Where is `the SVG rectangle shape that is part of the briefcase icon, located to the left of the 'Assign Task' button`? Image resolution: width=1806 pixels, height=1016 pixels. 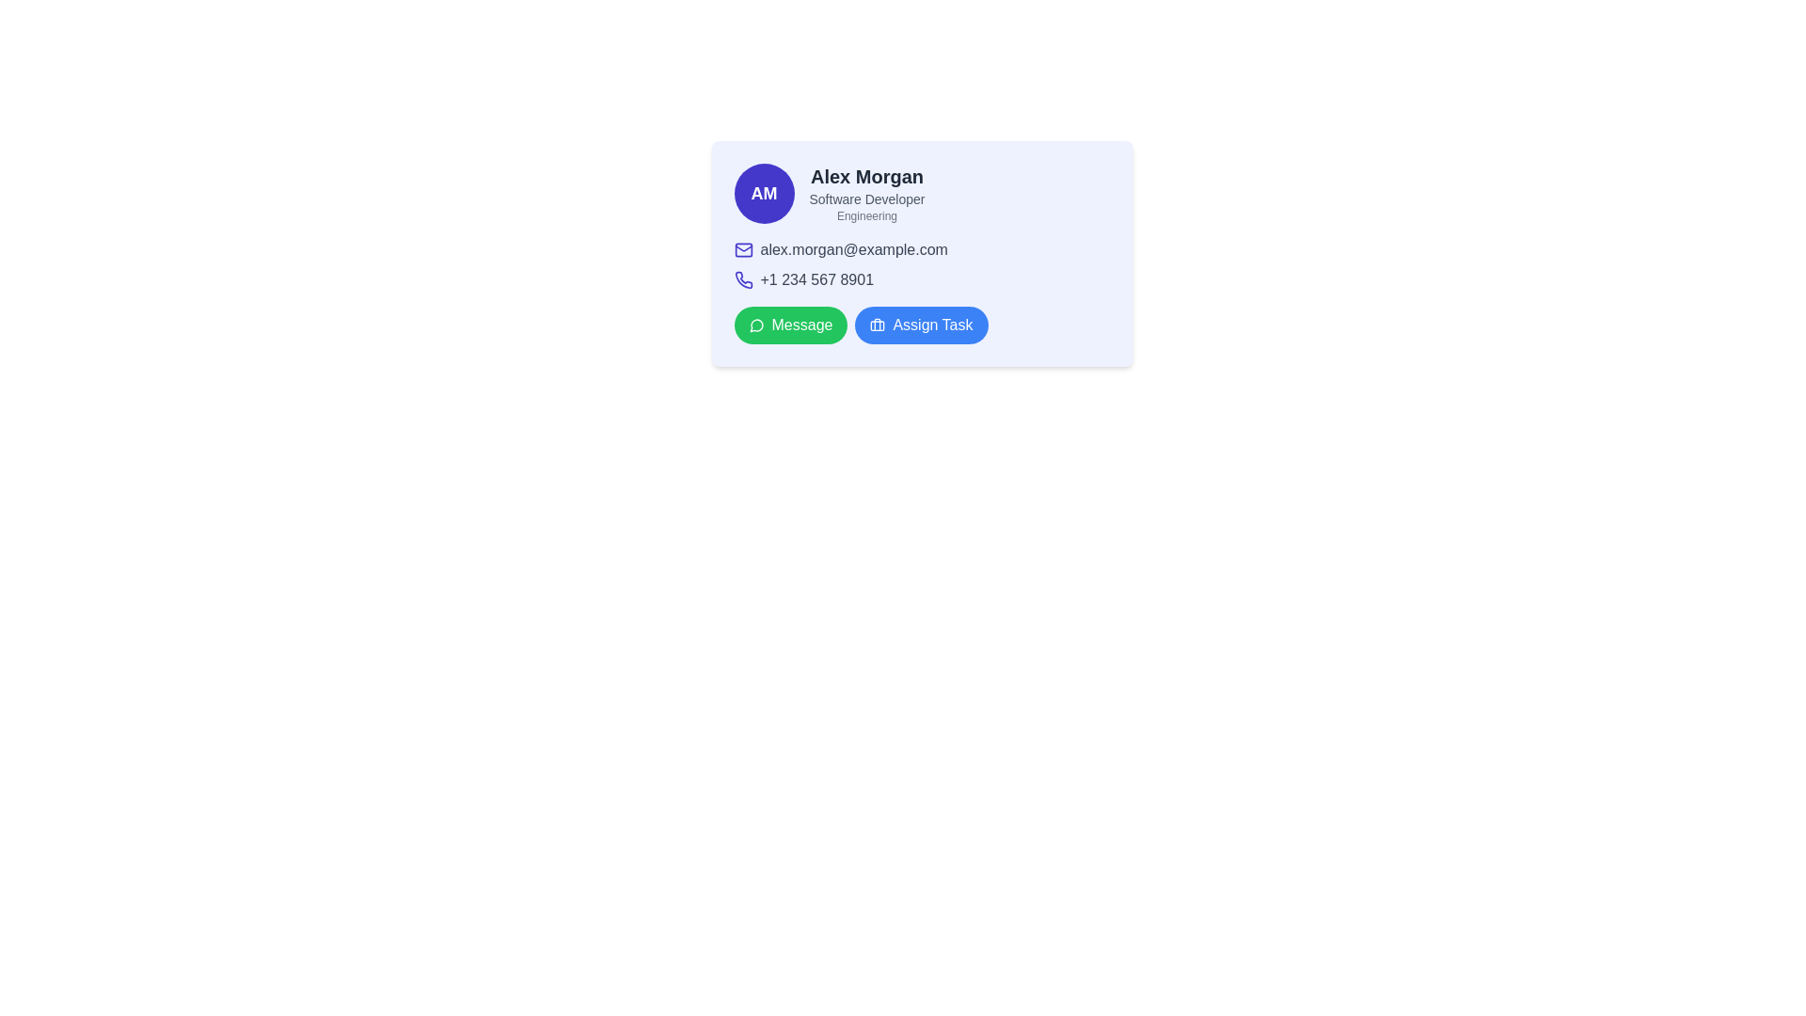 the SVG rectangle shape that is part of the briefcase icon, located to the left of the 'Assign Task' button is located at coordinates (877, 325).